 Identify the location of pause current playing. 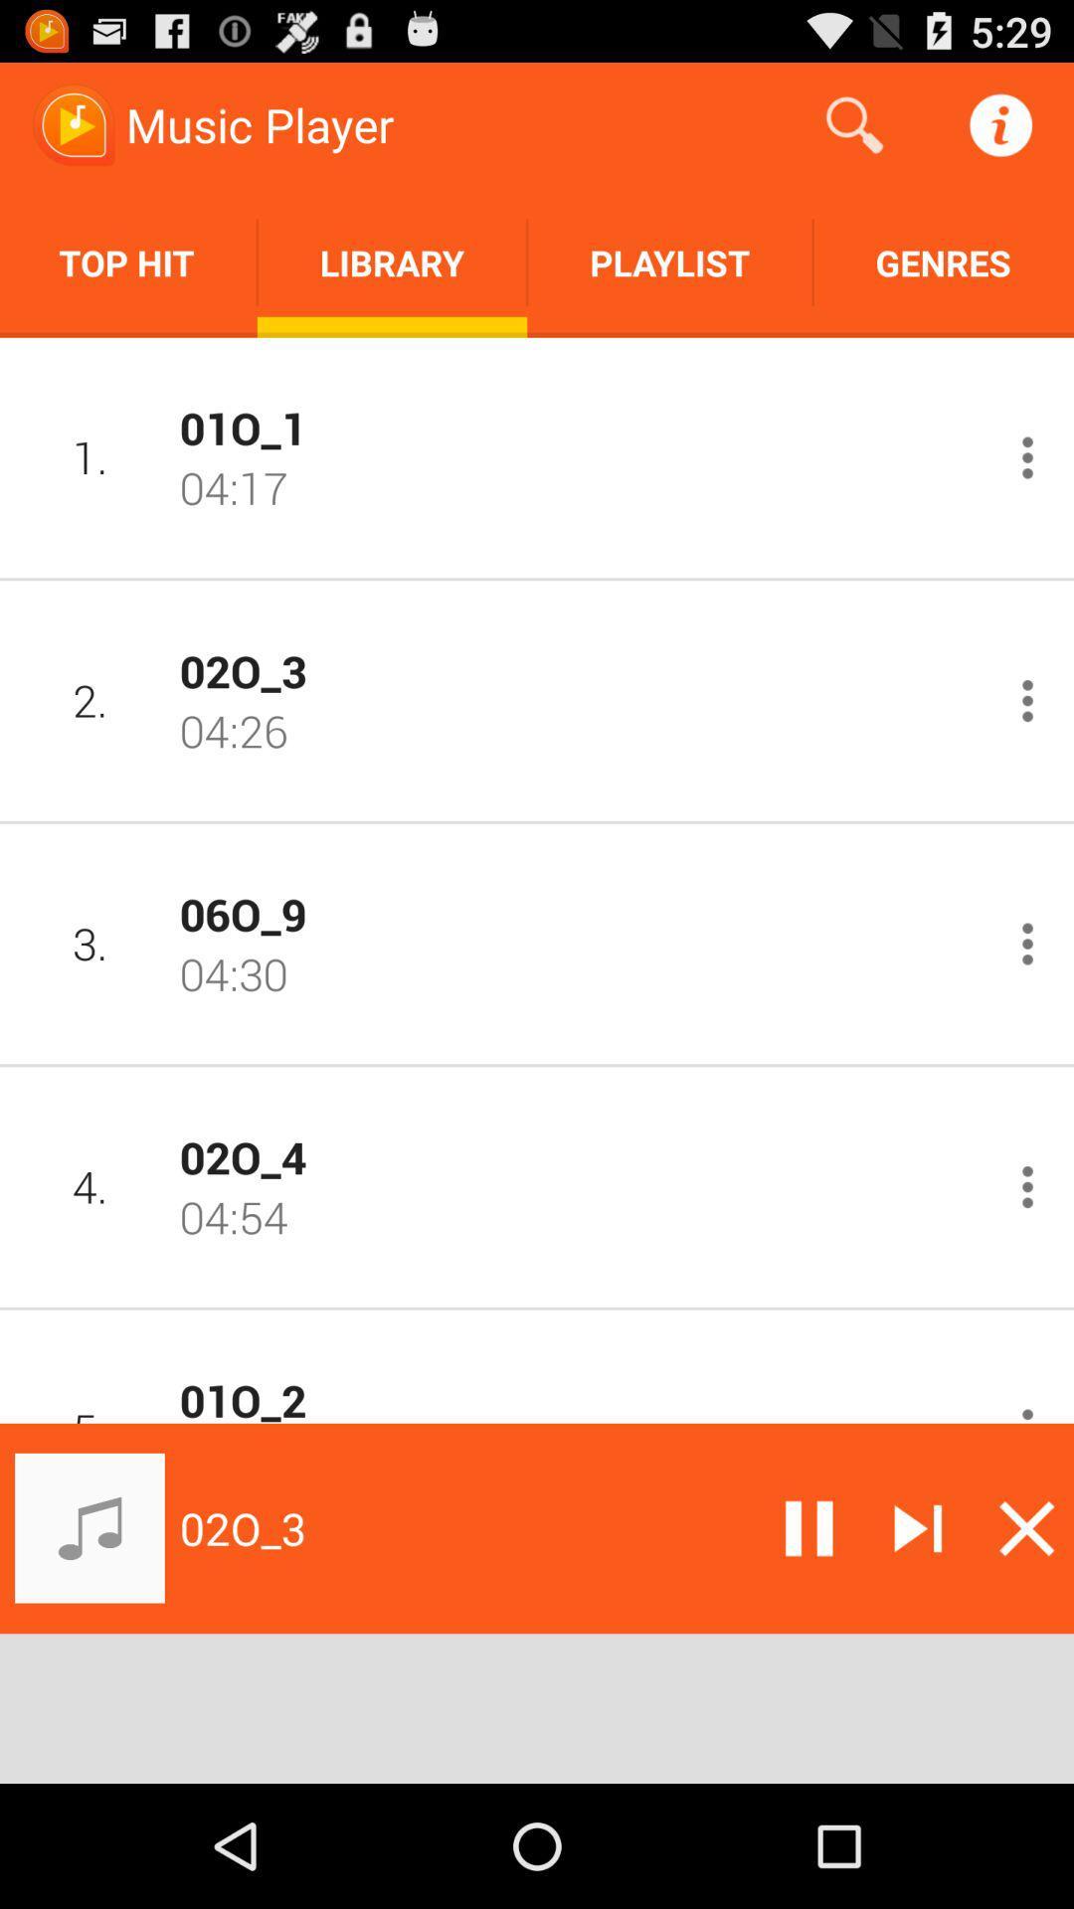
(808, 1527).